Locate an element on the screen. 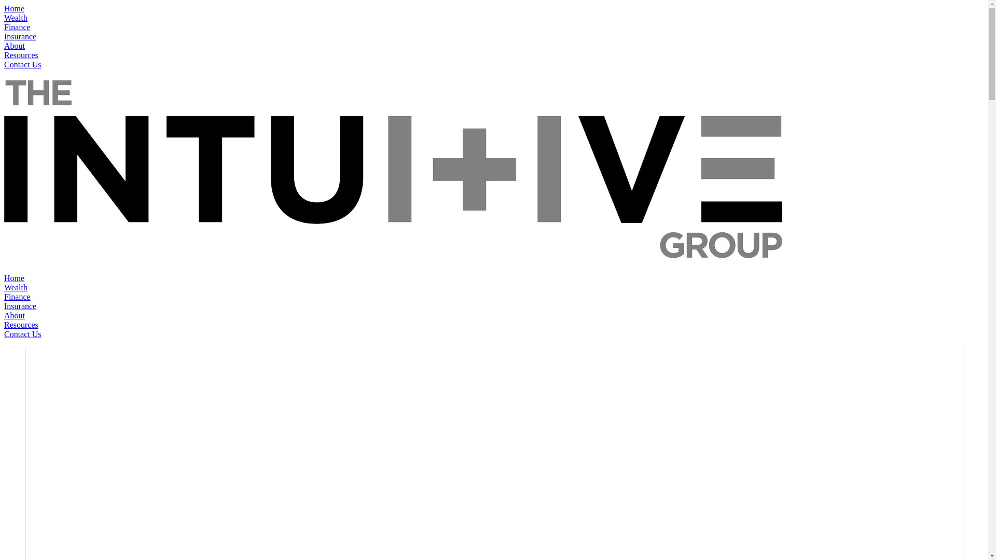 This screenshot has height=560, width=996. 'Contact Us' is located at coordinates (4, 64).